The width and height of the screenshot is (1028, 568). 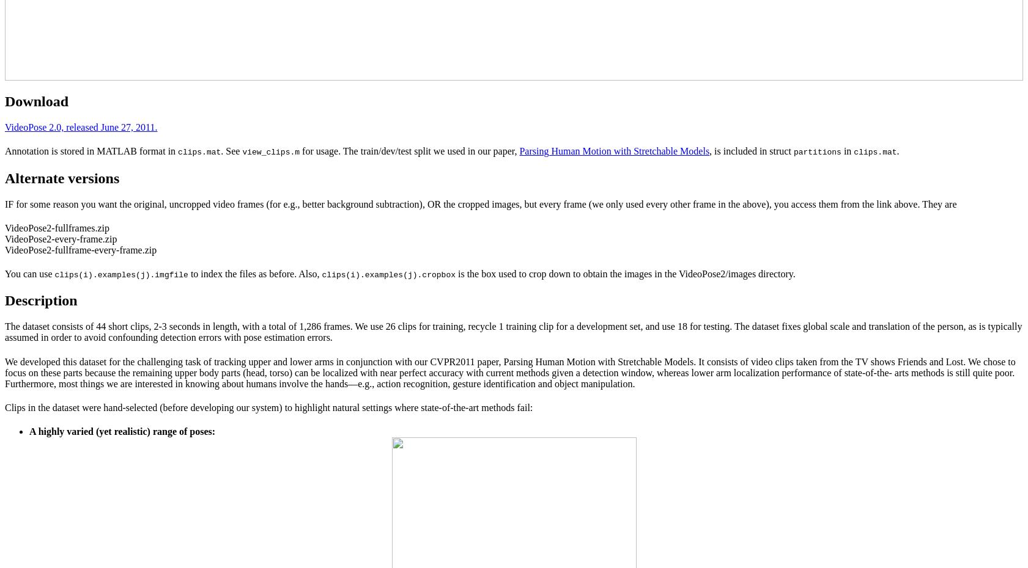 I want to click on 'Download', so click(x=36, y=101).